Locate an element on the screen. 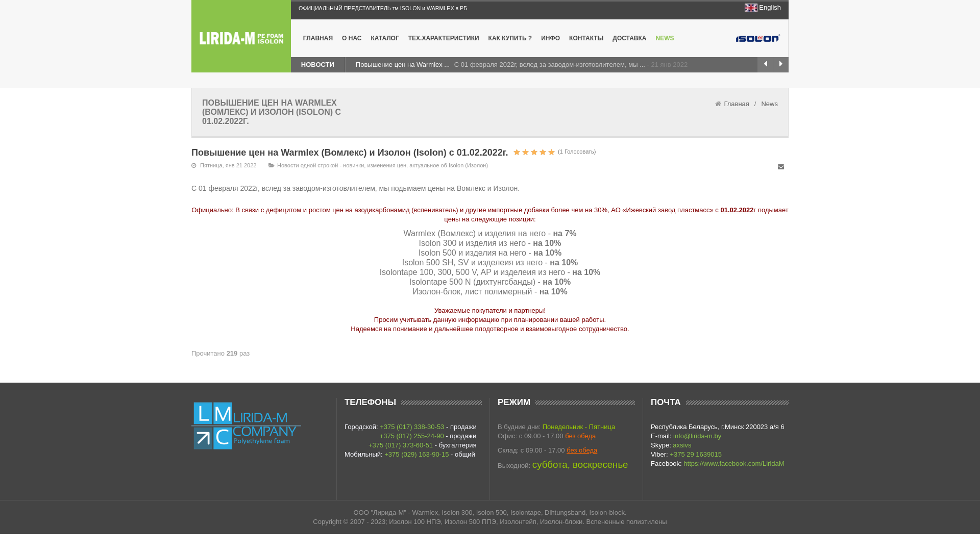 This screenshot has width=980, height=551. '+375 (029) 163-90-15' is located at coordinates (416, 454).